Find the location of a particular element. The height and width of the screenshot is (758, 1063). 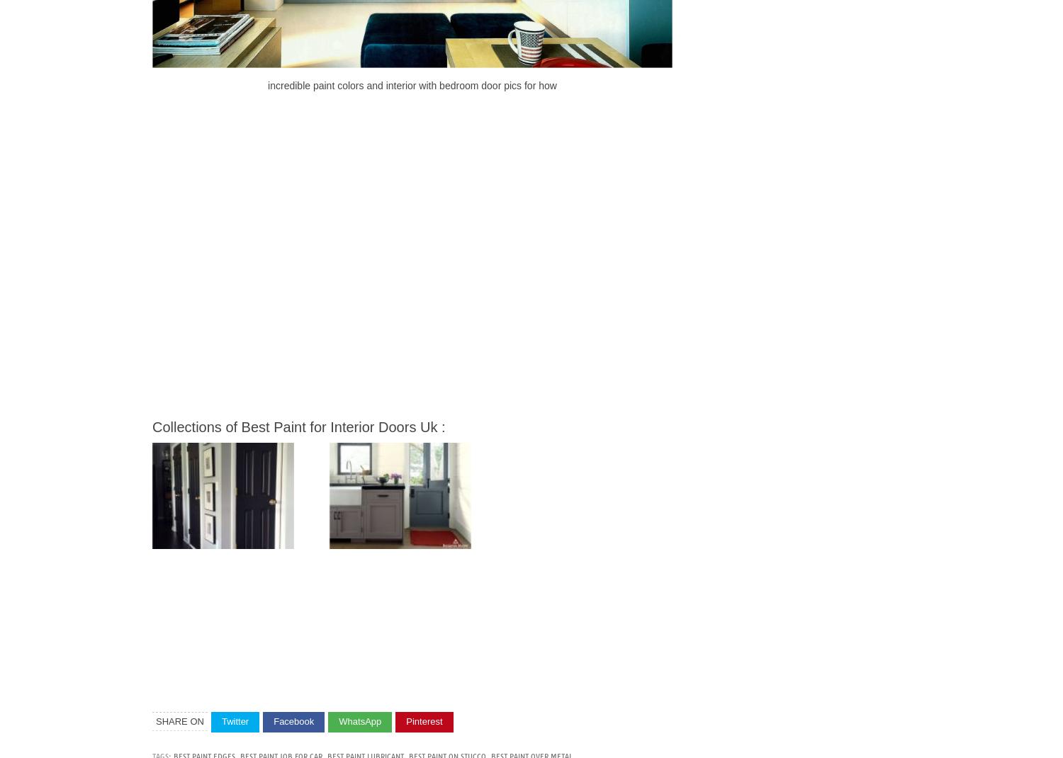

'Best Paint for Interior Doors Uk 2018 Color Trends Caliente Af 290 Pinterest Kitchen Paint' is located at coordinates (332, 546).